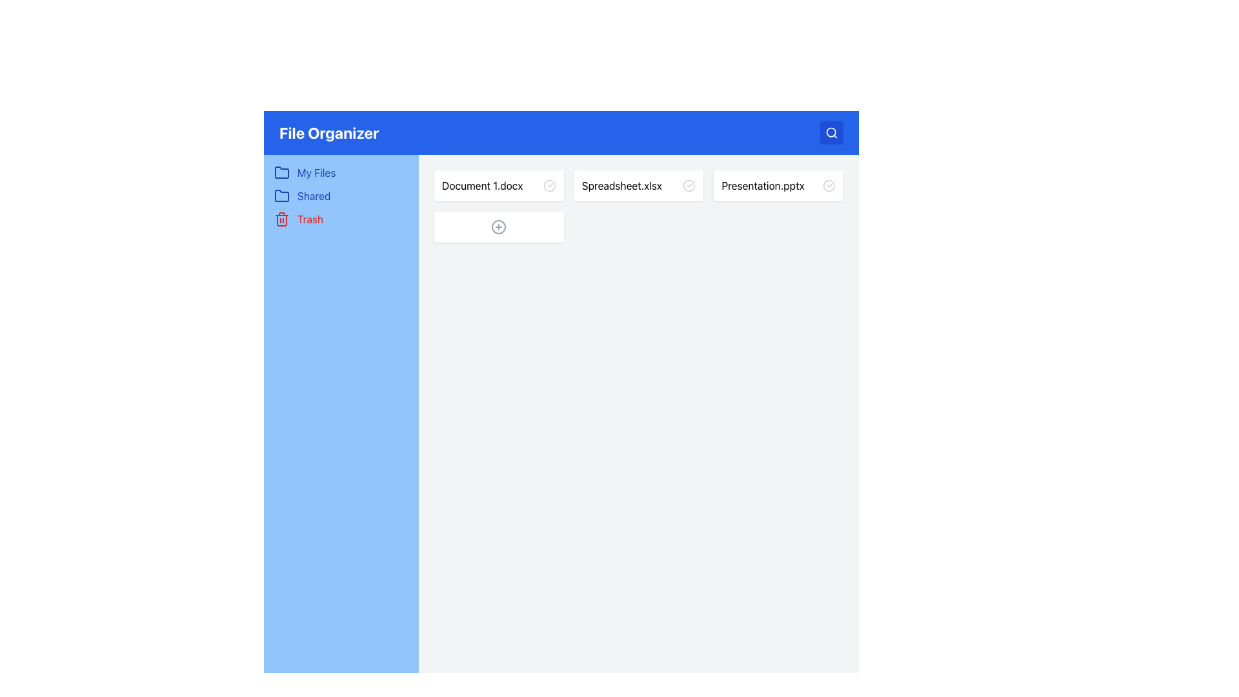  I want to click on the second navigation item labeled 'Shared' in the left panel, so click(341, 196).